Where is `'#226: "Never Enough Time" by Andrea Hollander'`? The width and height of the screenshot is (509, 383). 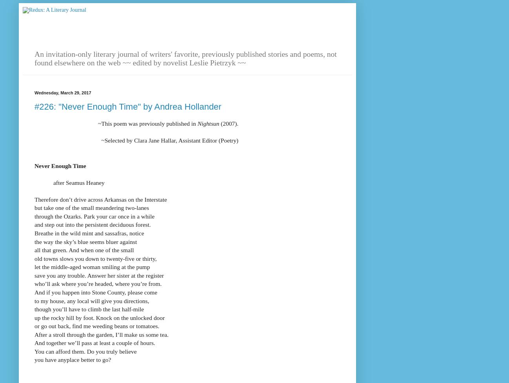
'#226: "Never Enough Time" by Andrea Hollander' is located at coordinates (35, 106).